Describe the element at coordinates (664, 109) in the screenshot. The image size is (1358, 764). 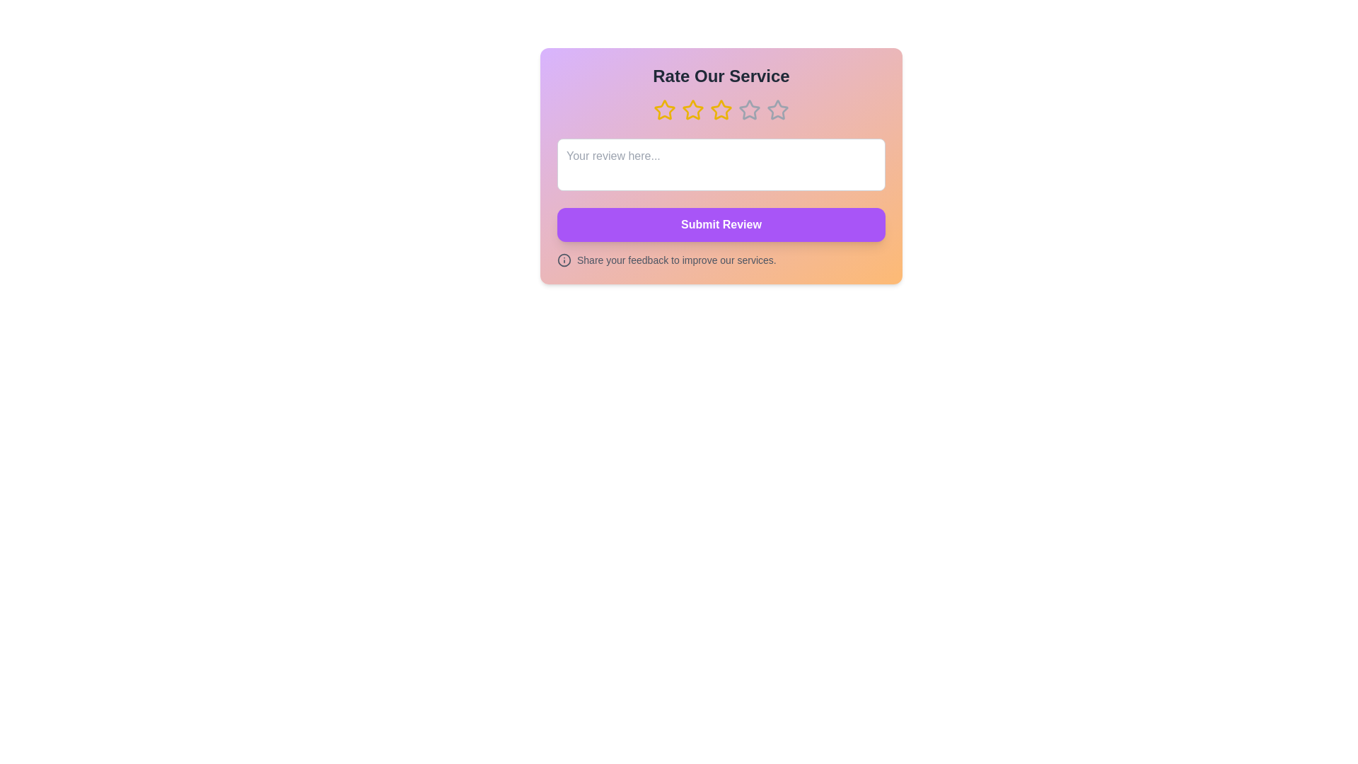
I see `the first star icon in the rating section` at that location.